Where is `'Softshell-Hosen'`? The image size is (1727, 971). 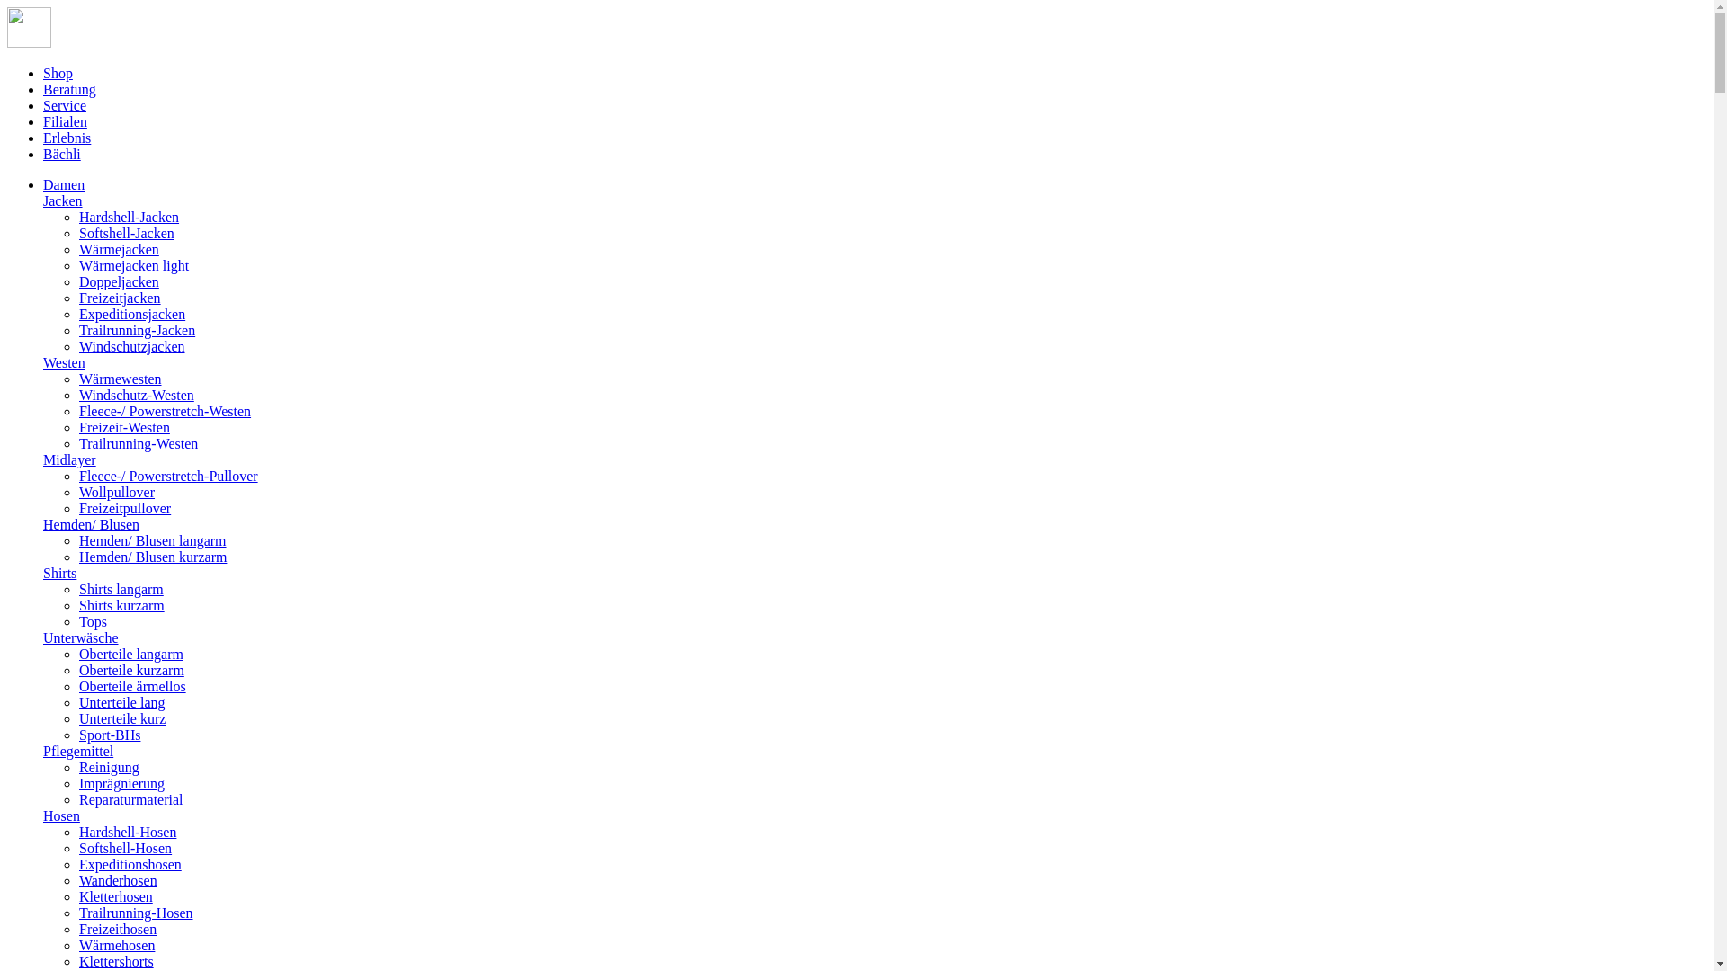 'Softshell-Hosen' is located at coordinates (124, 848).